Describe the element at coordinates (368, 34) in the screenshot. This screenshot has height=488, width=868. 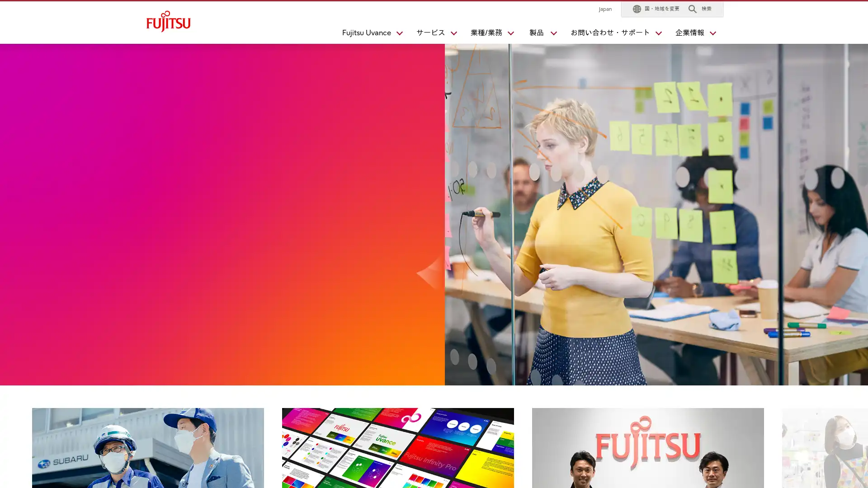
I see `Fujitsu Uvance` at that location.